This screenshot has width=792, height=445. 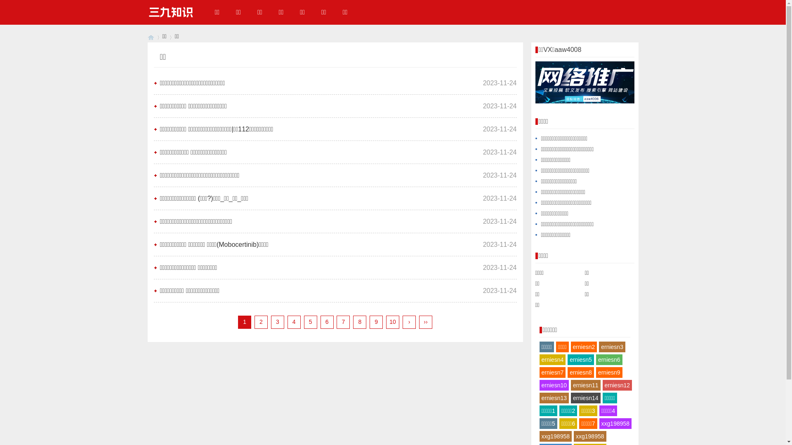 What do you see at coordinates (261, 322) in the screenshot?
I see `'2'` at bounding box center [261, 322].